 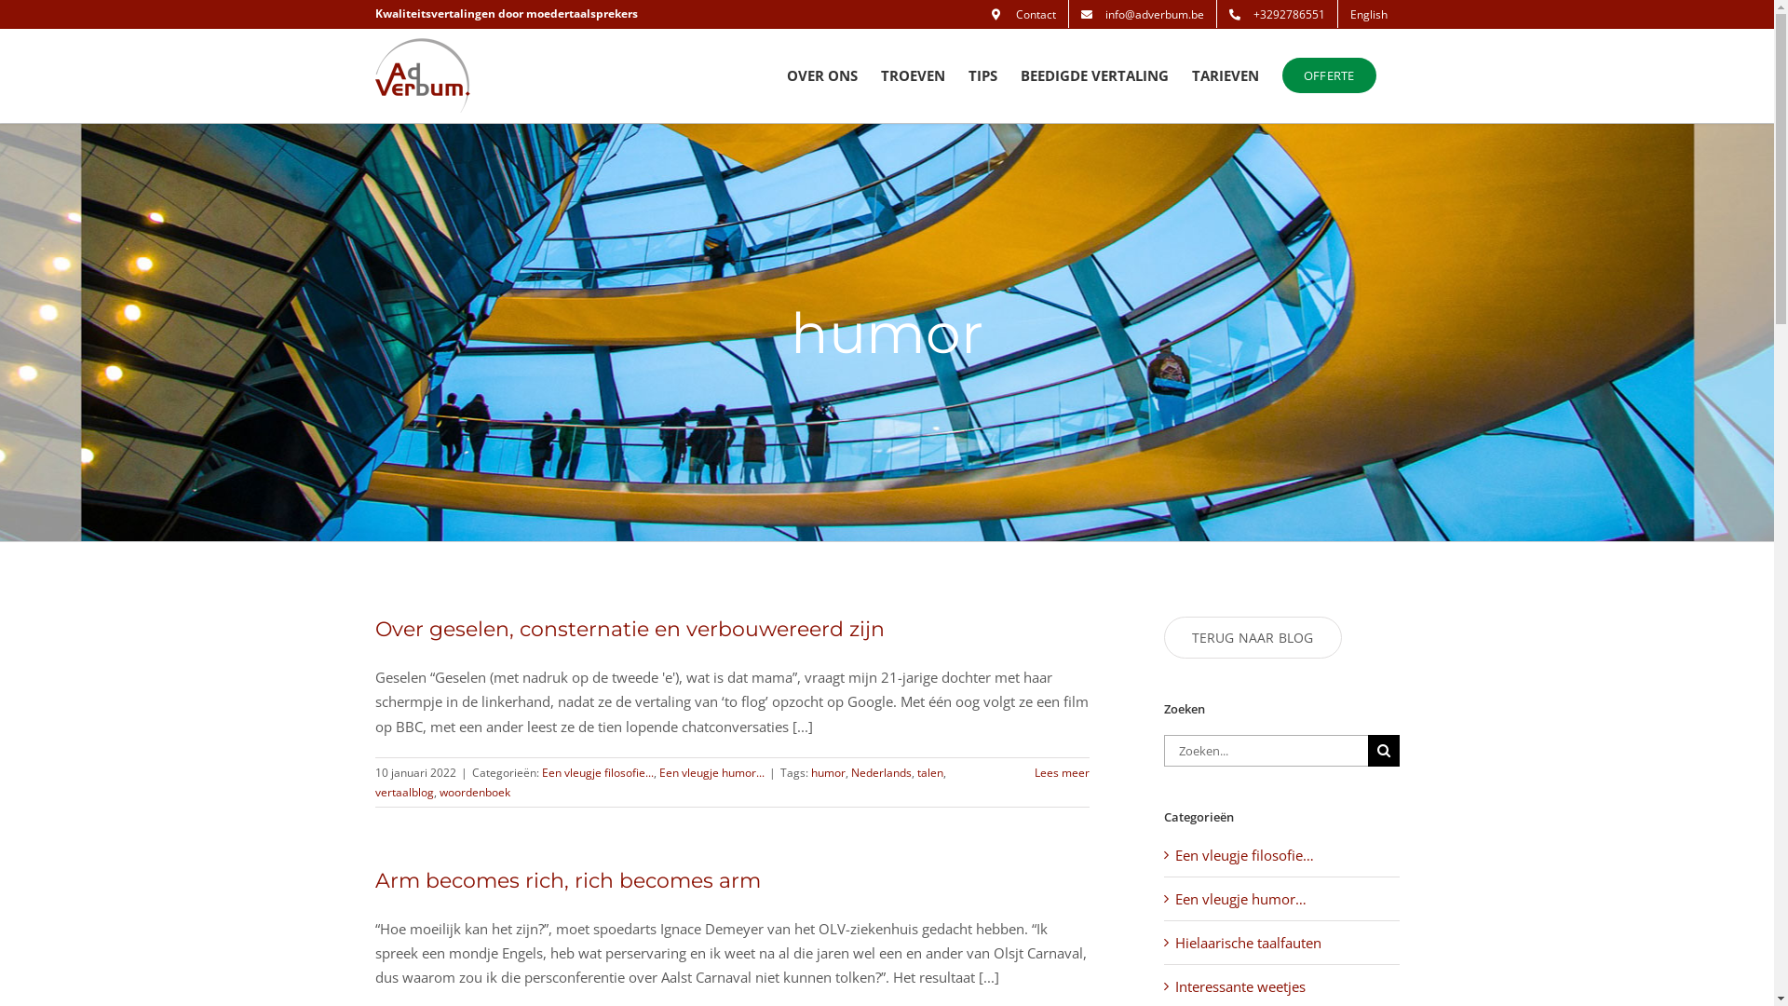 I want to click on 'woordenboek', so click(x=474, y=792).